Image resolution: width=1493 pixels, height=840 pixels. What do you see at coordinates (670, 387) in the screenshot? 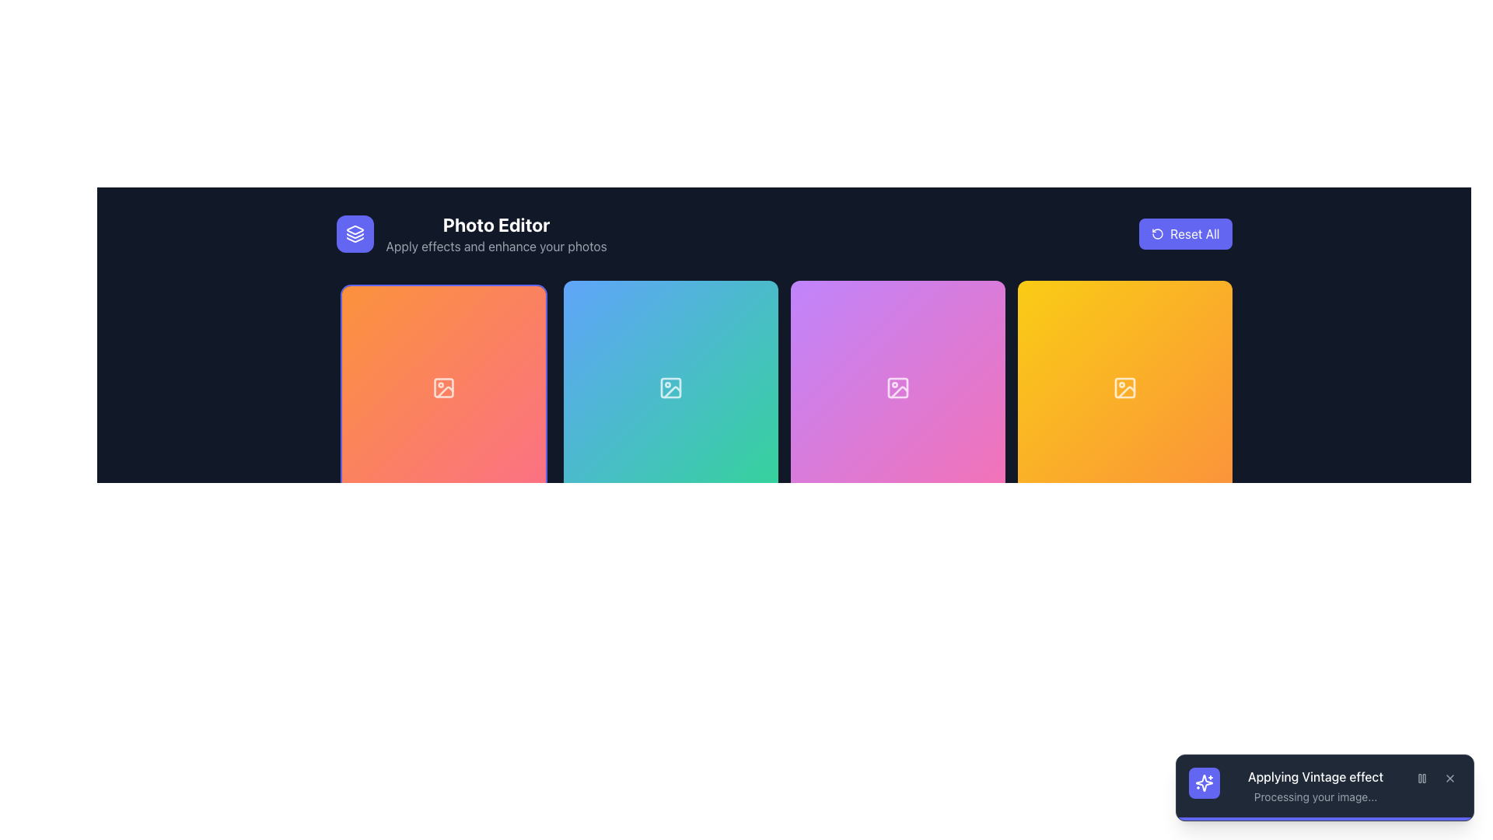
I see `the image icon located within the second card from the left in a group of four cards under the 'Photo Editor' header to interact with its card` at bounding box center [670, 387].